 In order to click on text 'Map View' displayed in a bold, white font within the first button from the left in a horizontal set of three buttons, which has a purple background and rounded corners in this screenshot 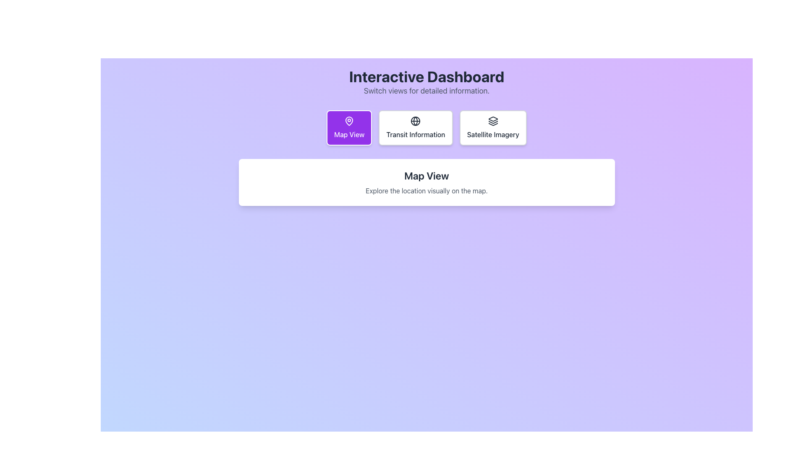, I will do `click(349, 134)`.